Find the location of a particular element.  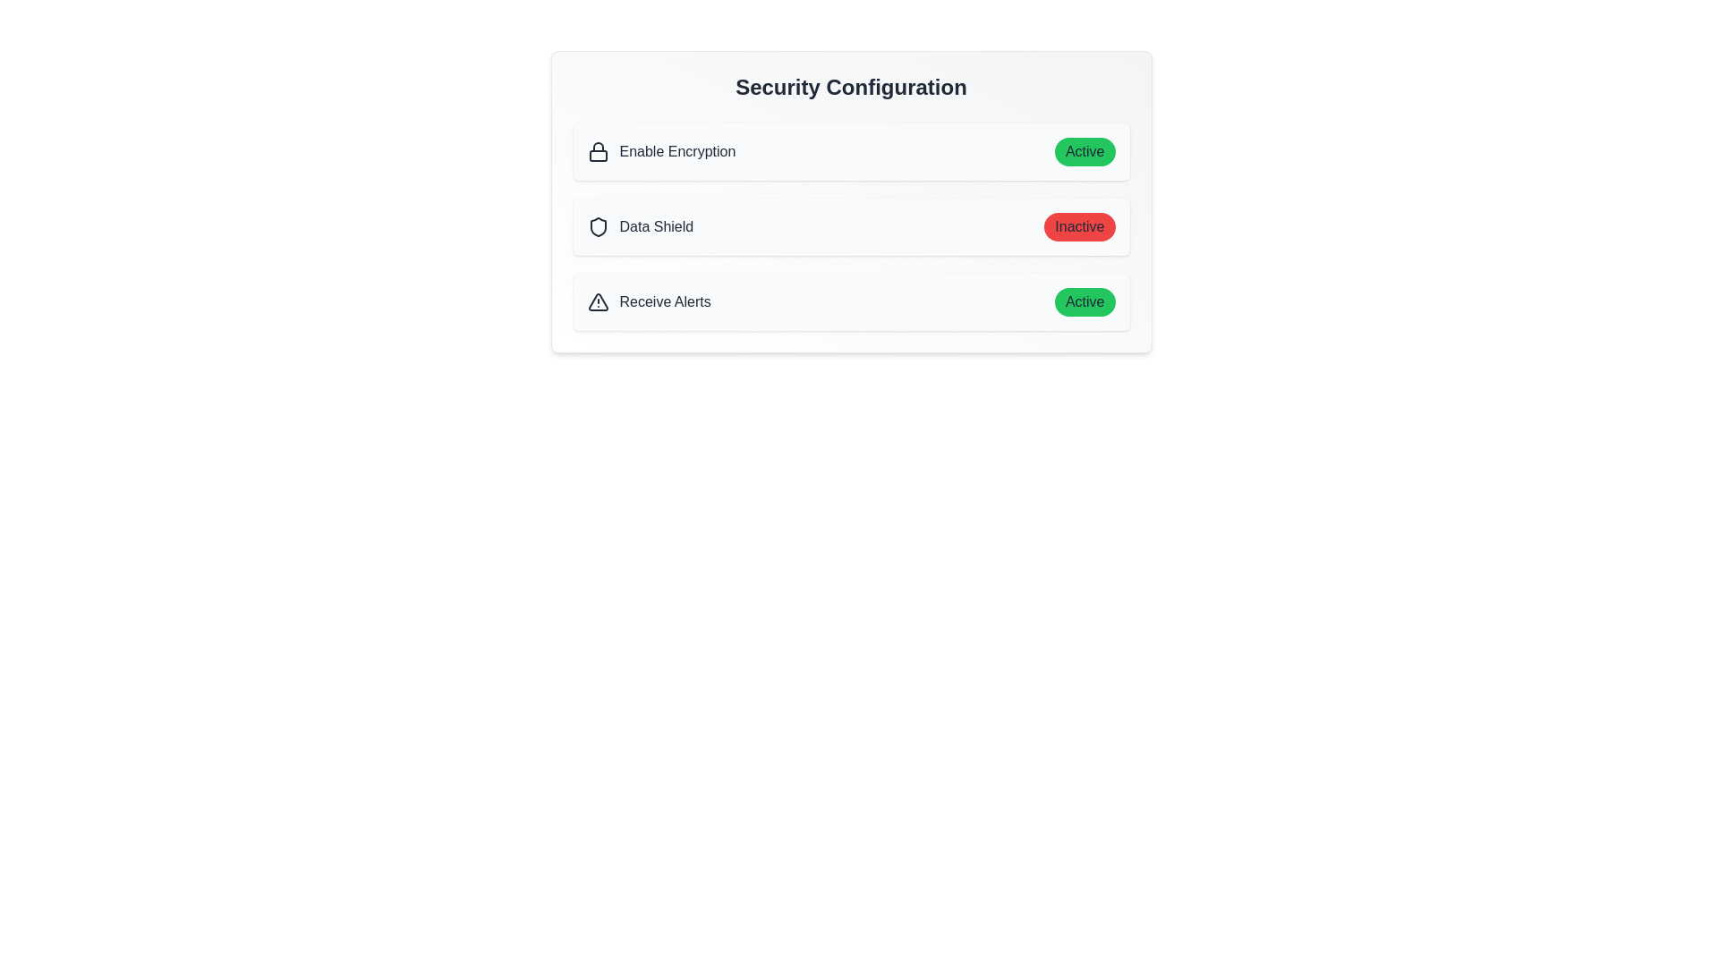

text label that says 'Enable Encryption', which is located under the 'Security Configuration' heading and to the right of a lock icon is located at coordinates (676, 150).